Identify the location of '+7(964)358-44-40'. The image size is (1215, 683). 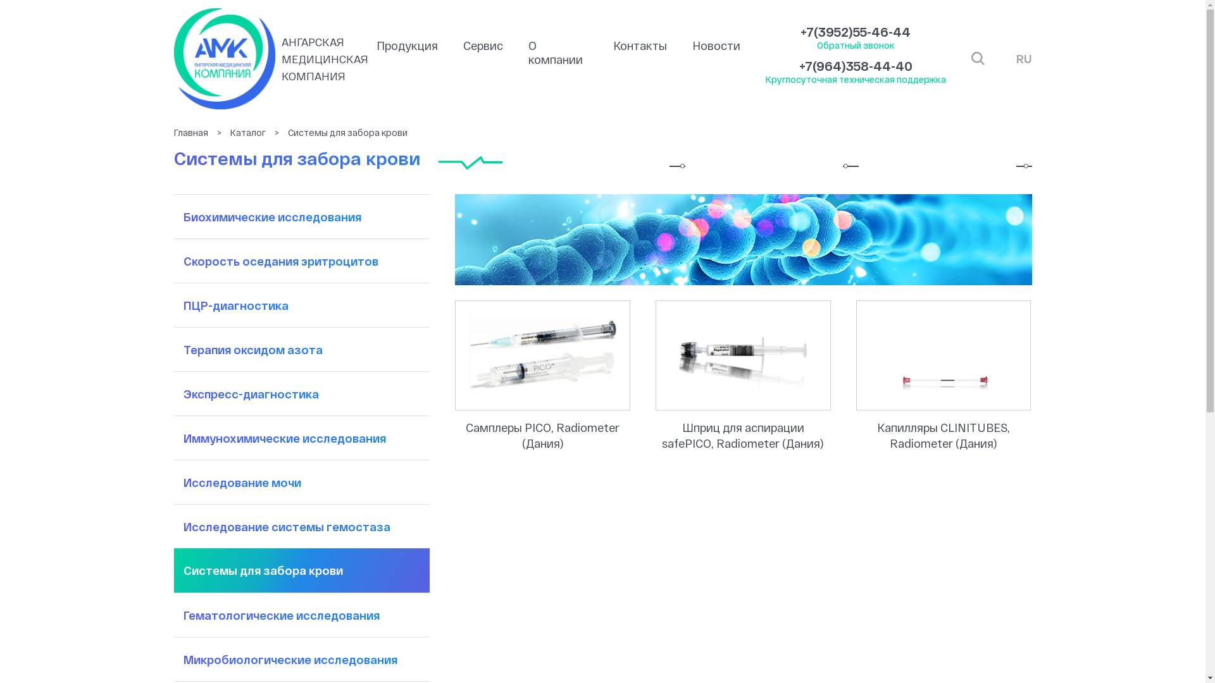
(856, 66).